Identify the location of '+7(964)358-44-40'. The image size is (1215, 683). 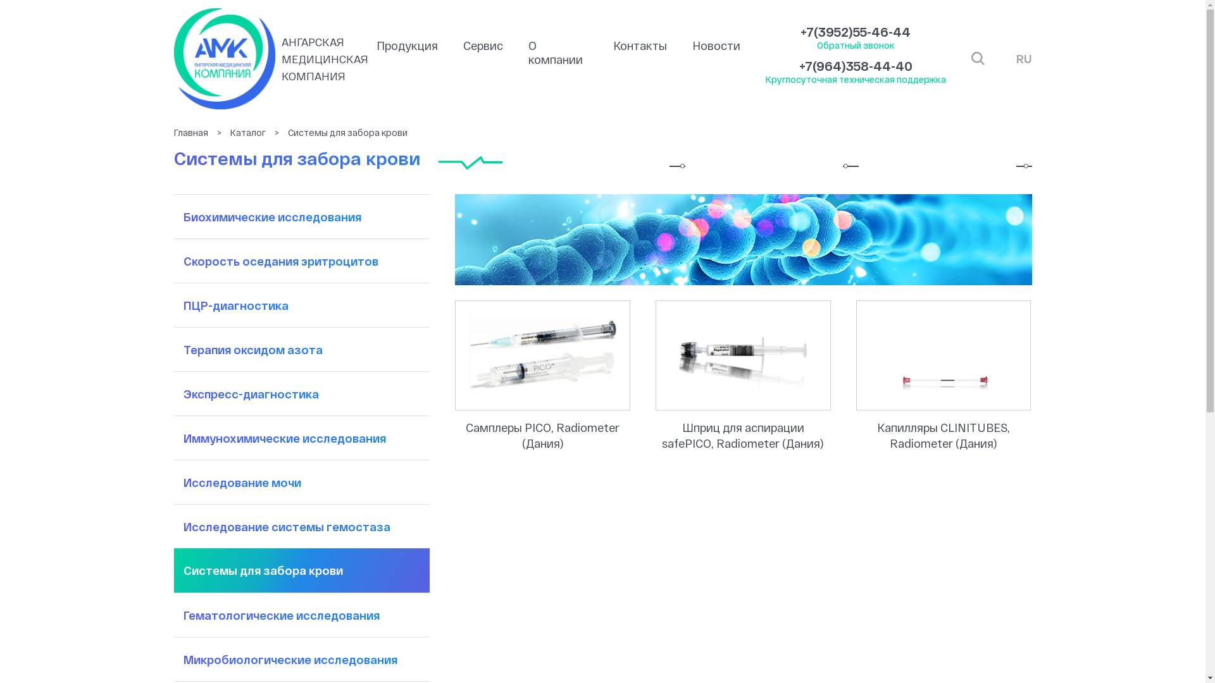
(856, 66).